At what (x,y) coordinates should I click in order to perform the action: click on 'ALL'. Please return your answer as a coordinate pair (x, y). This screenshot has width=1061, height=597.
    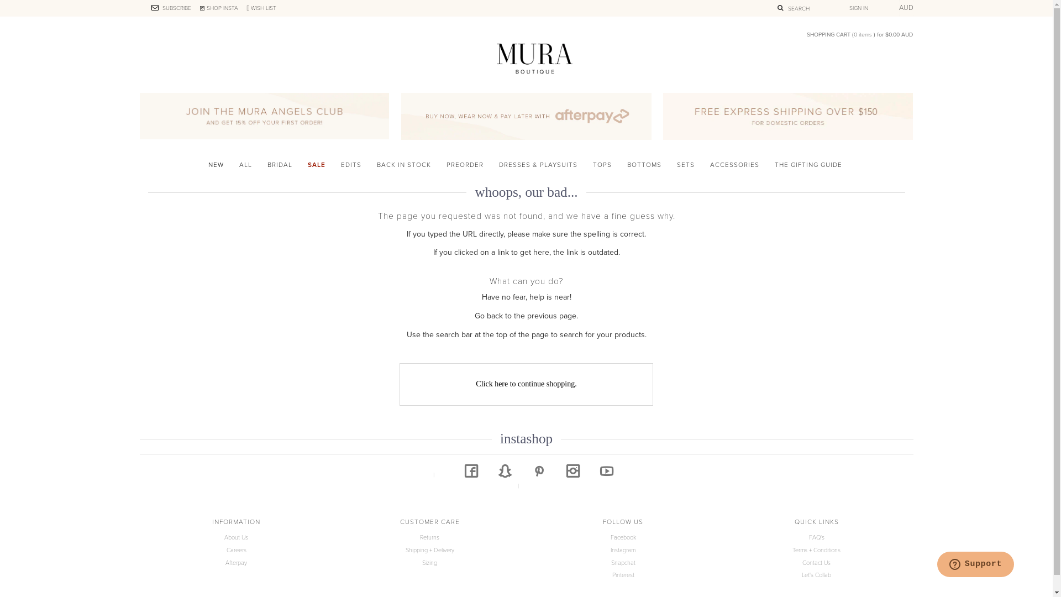
    Looking at the image, I should click on (245, 165).